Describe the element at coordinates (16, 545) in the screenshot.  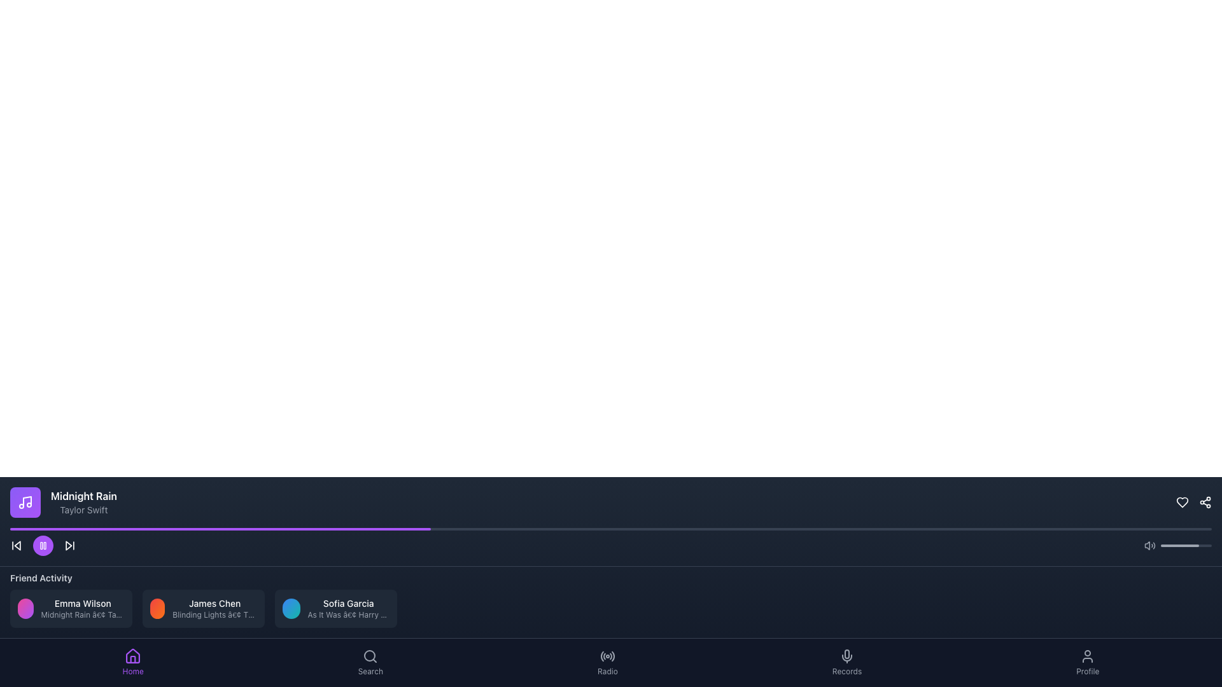
I see `the backward skip button located at the far left of the media control section in the player bar to skip backward` at that location.